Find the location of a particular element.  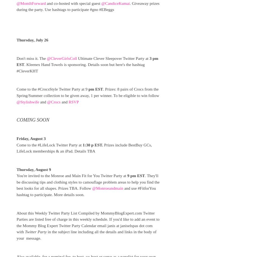

'Thursday, August 9' is located at coordinates (33, 169).